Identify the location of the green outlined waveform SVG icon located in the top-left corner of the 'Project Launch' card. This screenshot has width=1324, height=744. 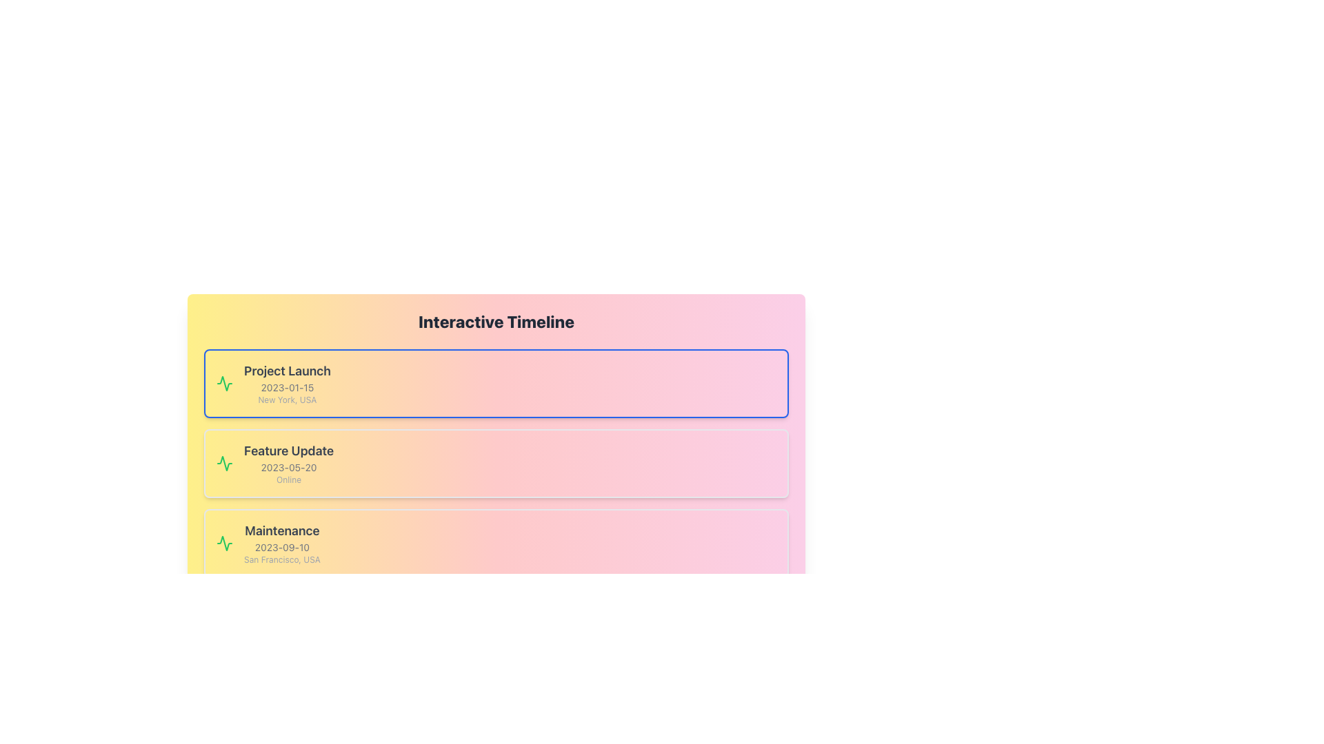
(225, 543).